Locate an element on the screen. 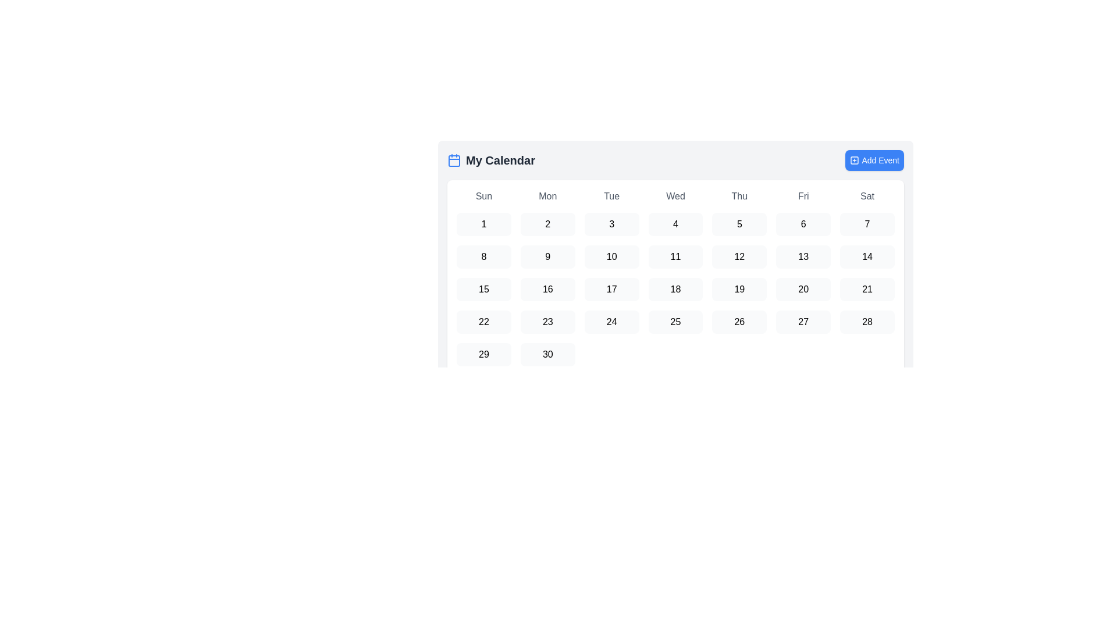 This screenshot has width=1117, height=628. the text label '30' located in the second column of the bottom row of the calendar grid cell, which has a light gray background and black text is located at coordinates (547, 354).